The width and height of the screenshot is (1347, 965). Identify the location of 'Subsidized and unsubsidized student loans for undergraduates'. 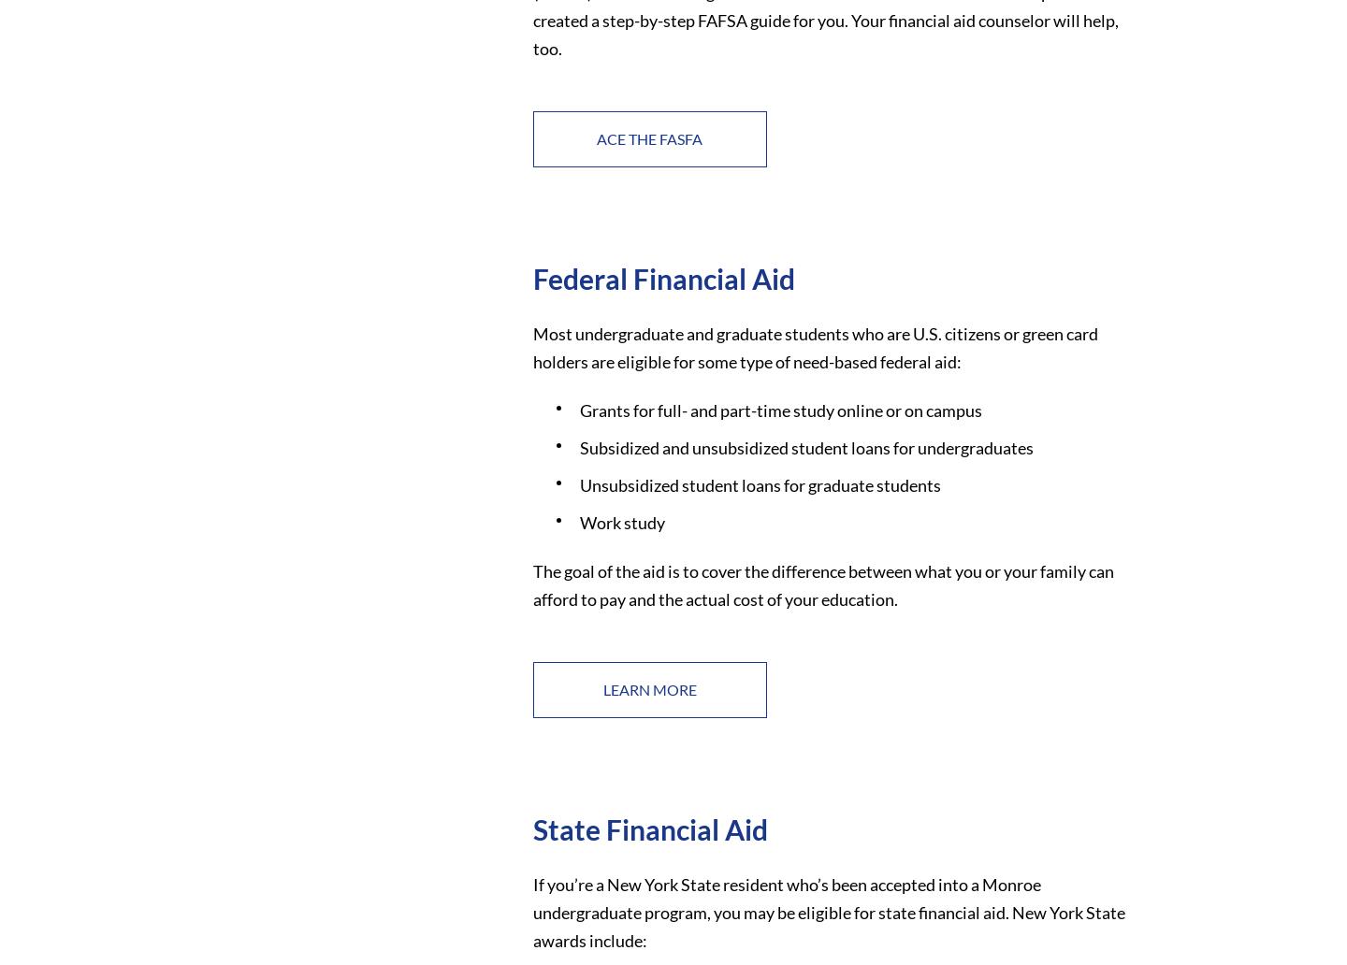
(804, 446).